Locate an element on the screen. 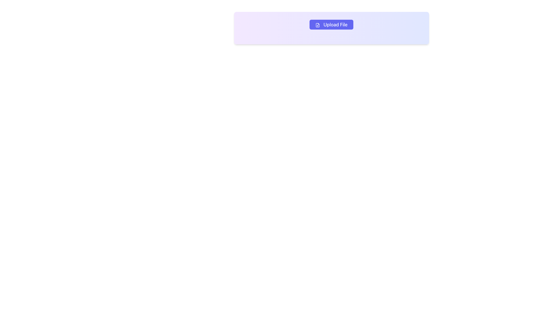  the 'Upload File' button, which is a horizontally centered button with a gradient background and an upload icon, to initiate the file upload process is located at coordinates (331, 24).